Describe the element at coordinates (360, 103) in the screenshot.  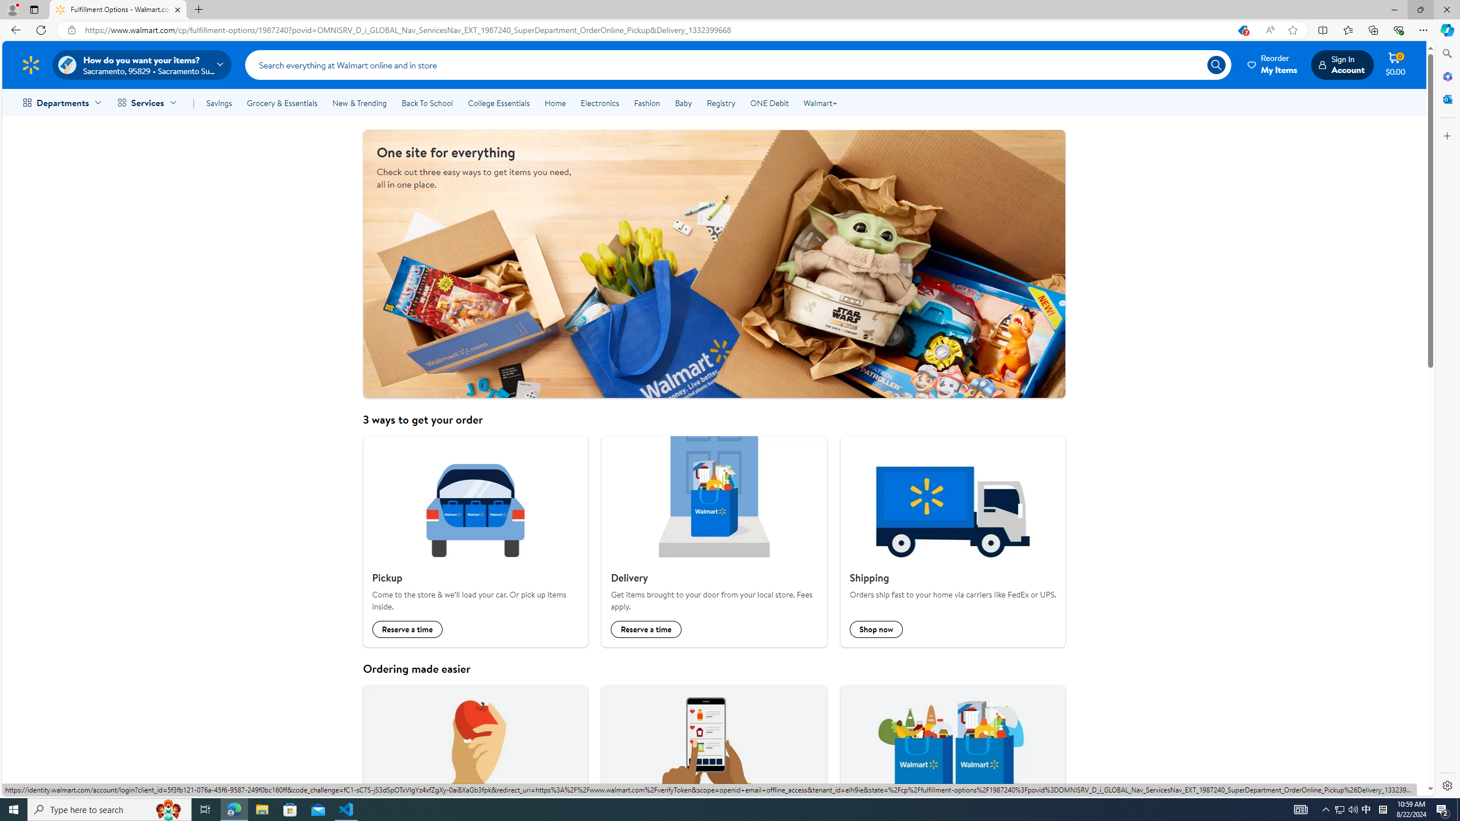
I see `'New & Trending'` at that location.